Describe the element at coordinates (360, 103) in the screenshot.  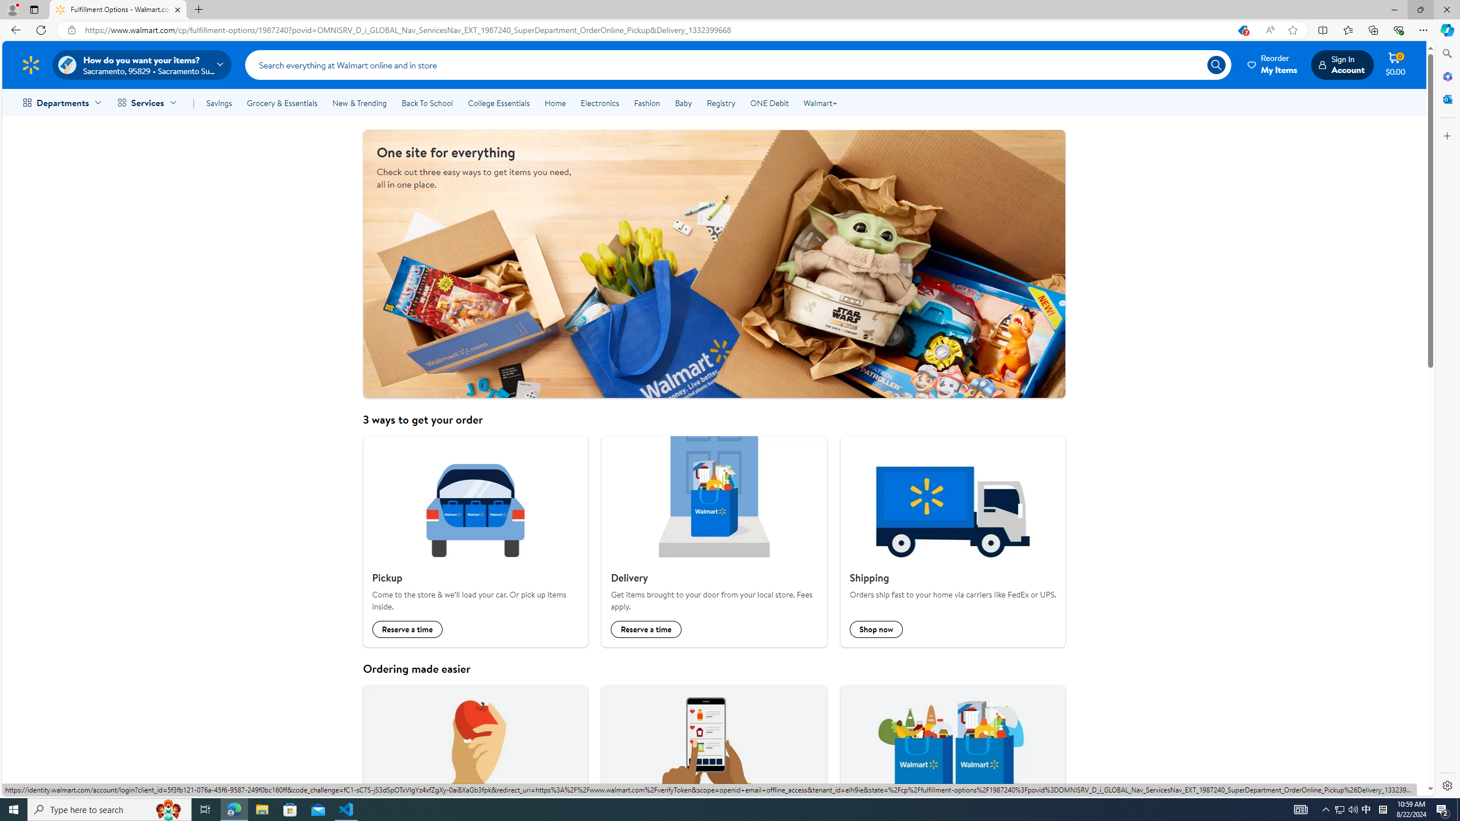
I see `'New & Trending'` at that location.